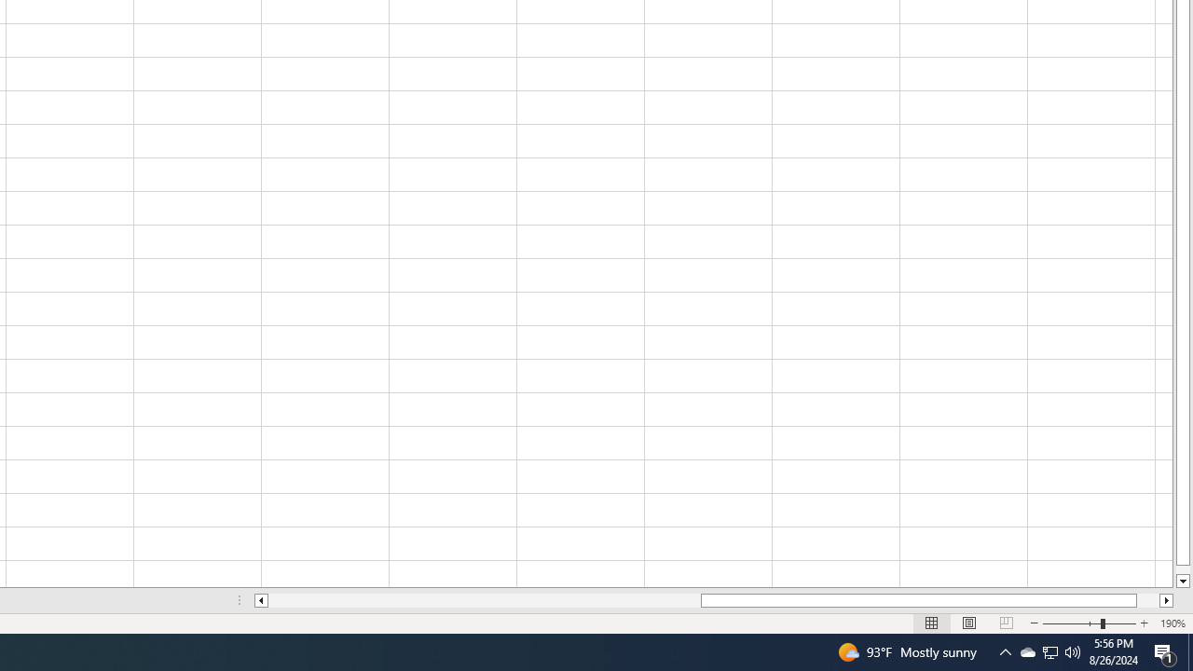 This screenshot has width=1193, height=671. What do you see at coordinates (1147, 600) in the screenshot?
I see `'Page right'` at bounding box center [1147, 600].